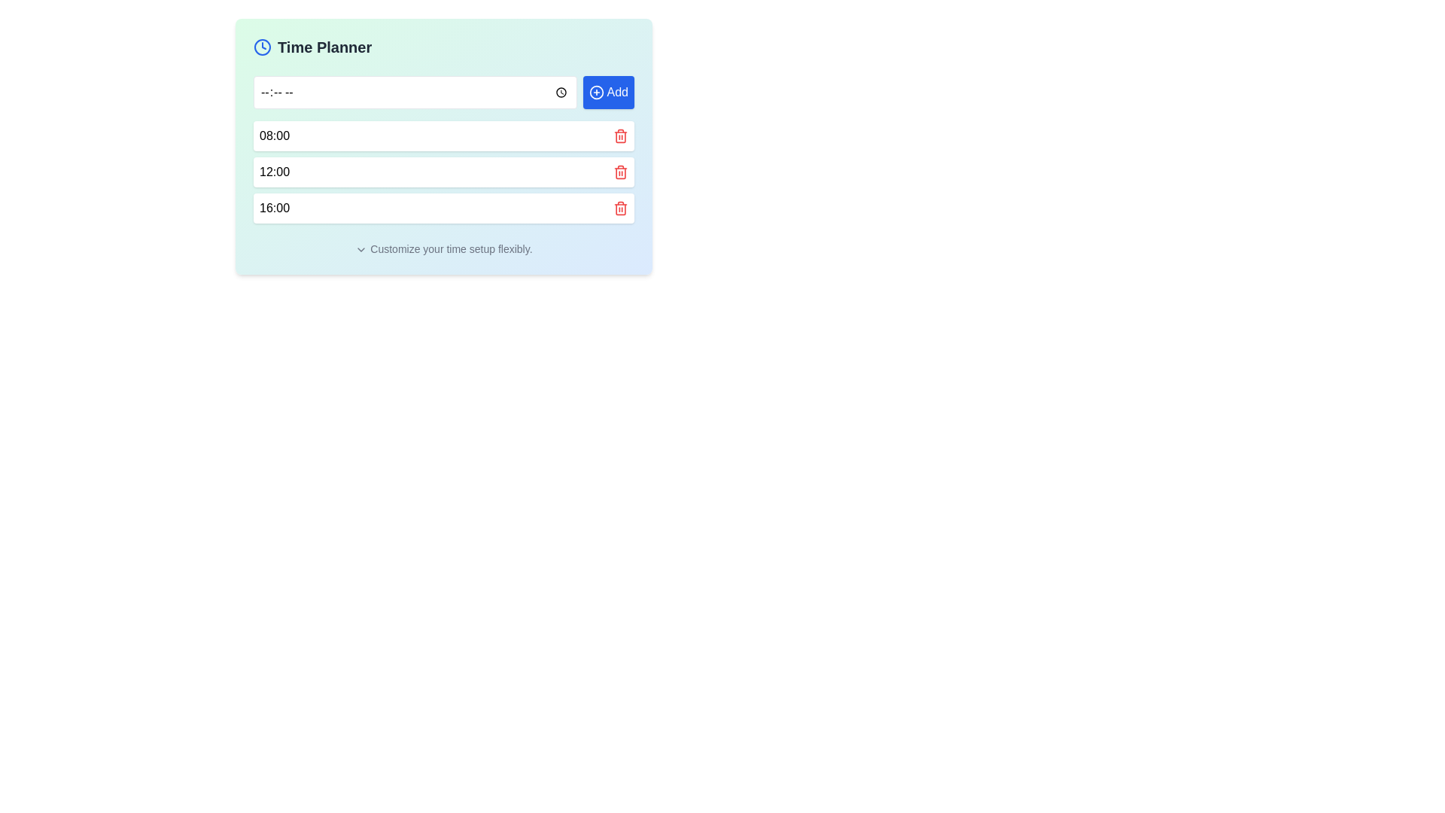 The image size is (1445, 813). What do you see at coordinates (263, 46) in the screenshot?
I see `the decorative icon associated with the 'Time Planner' heading, positioned to the left of the text 'Time Planner'` at bounding box center [263, 46].